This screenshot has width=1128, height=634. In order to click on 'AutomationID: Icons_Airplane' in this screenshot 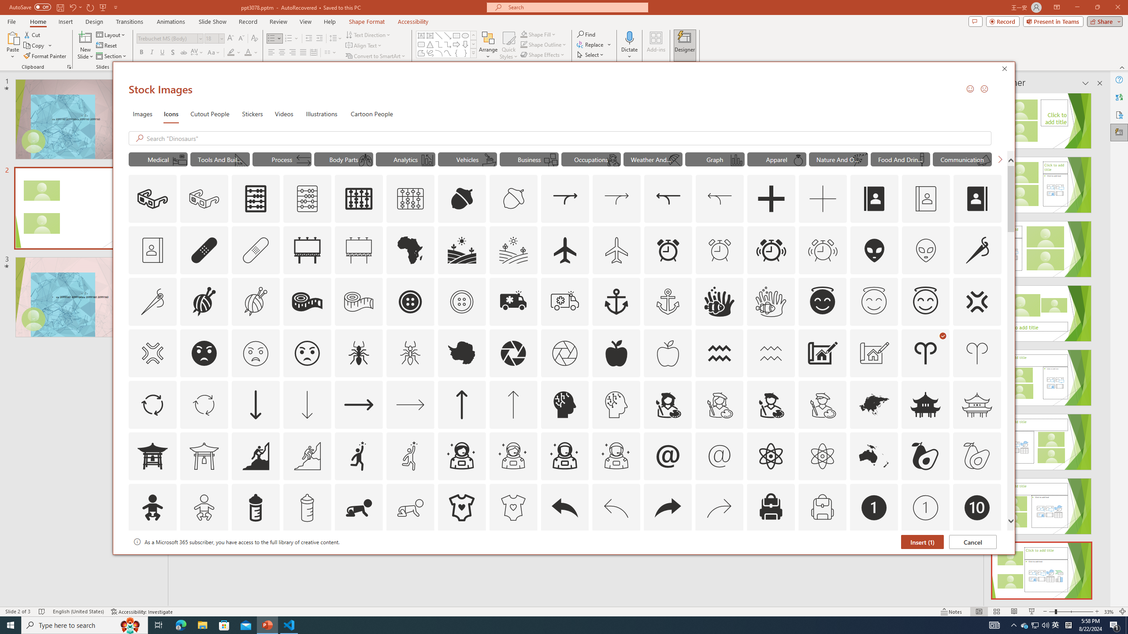, I will do `click(564, 250)`.